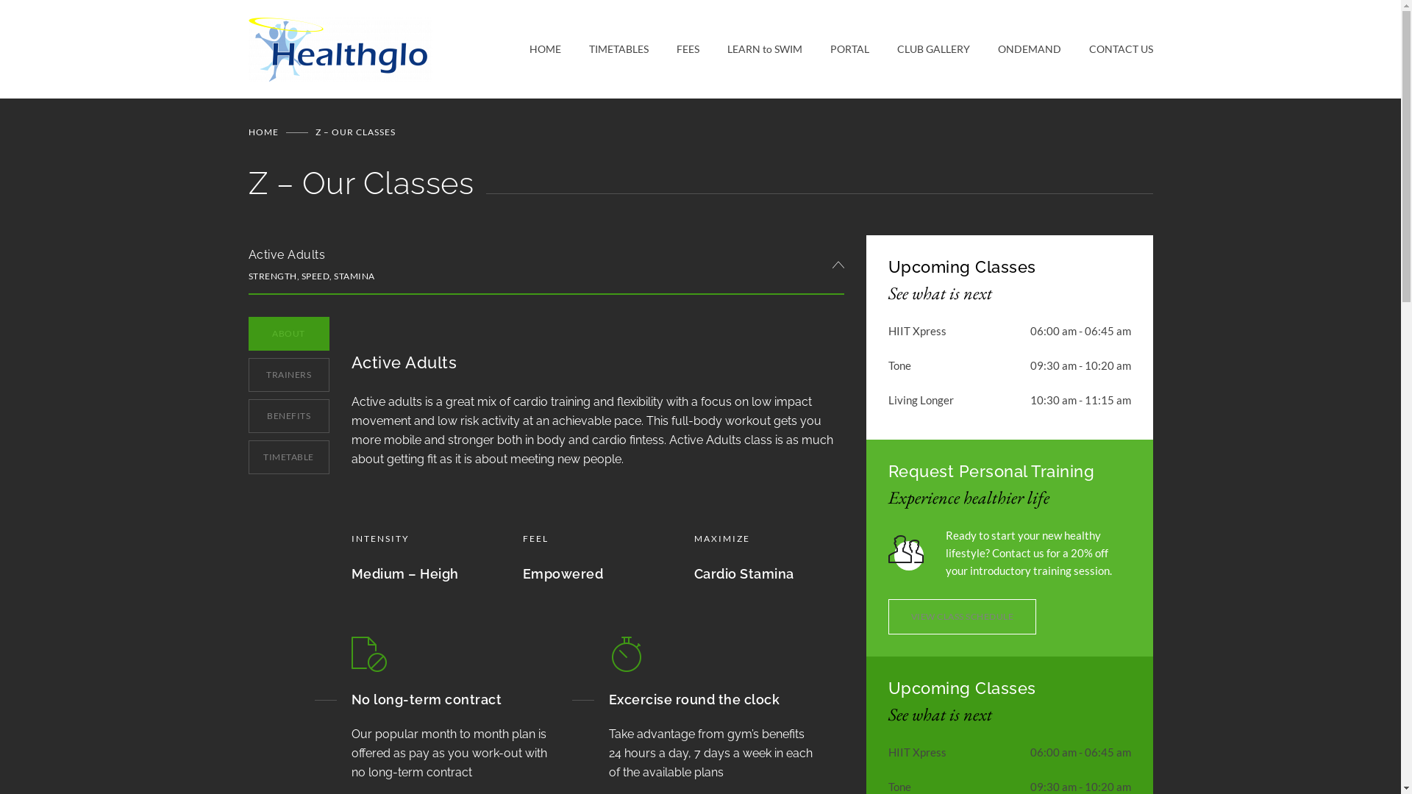 This screenshot has width=1412, height=794. What do you see at coordinates (1014, 48) in the screenshot?
I see `'ONDEMAND'` at bounding box center [1014, 48].